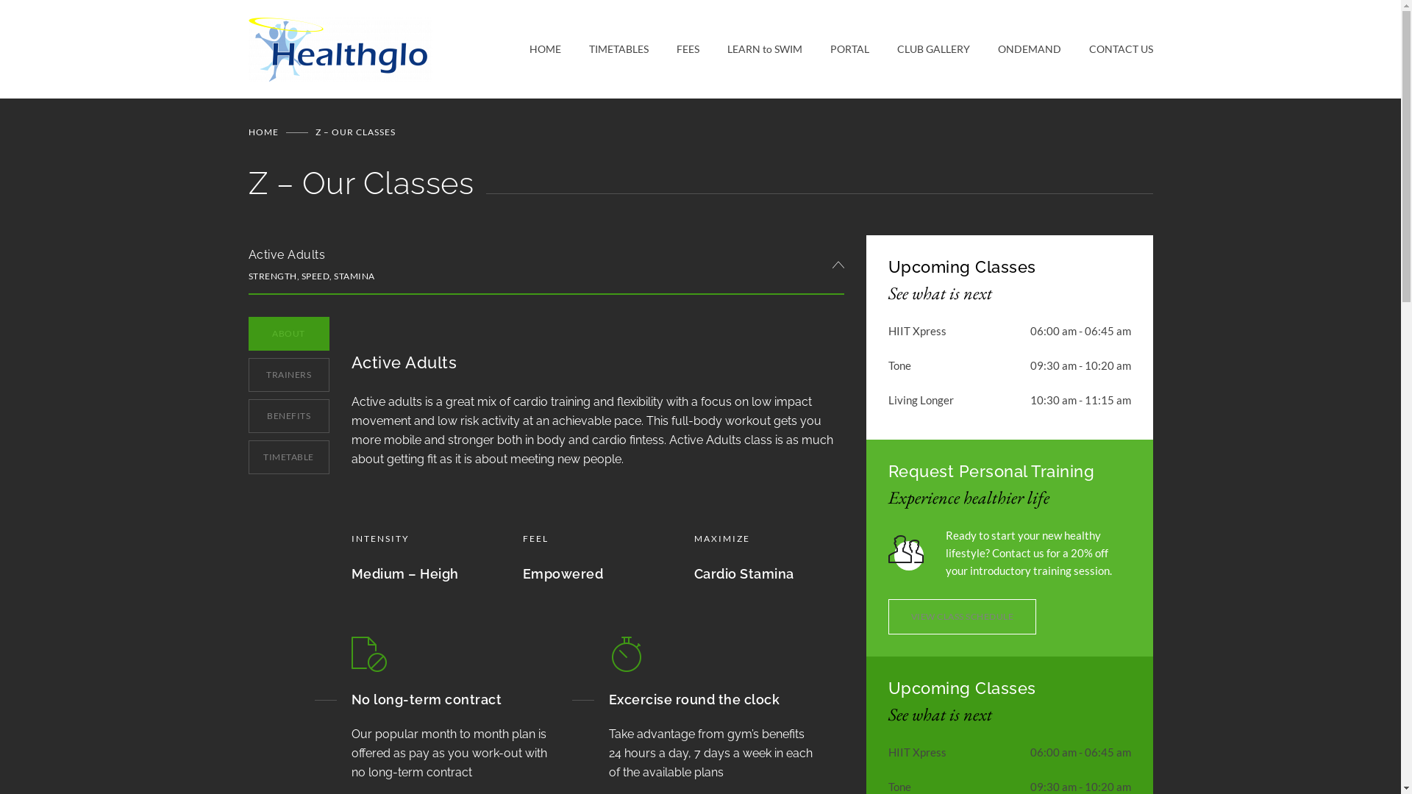 This screenshot has width=1412, height=794. What do you see at coordinates (1014, 48) in the screenshot?
I see `'ONDEMAND'` at bounding box center [1014, 48].